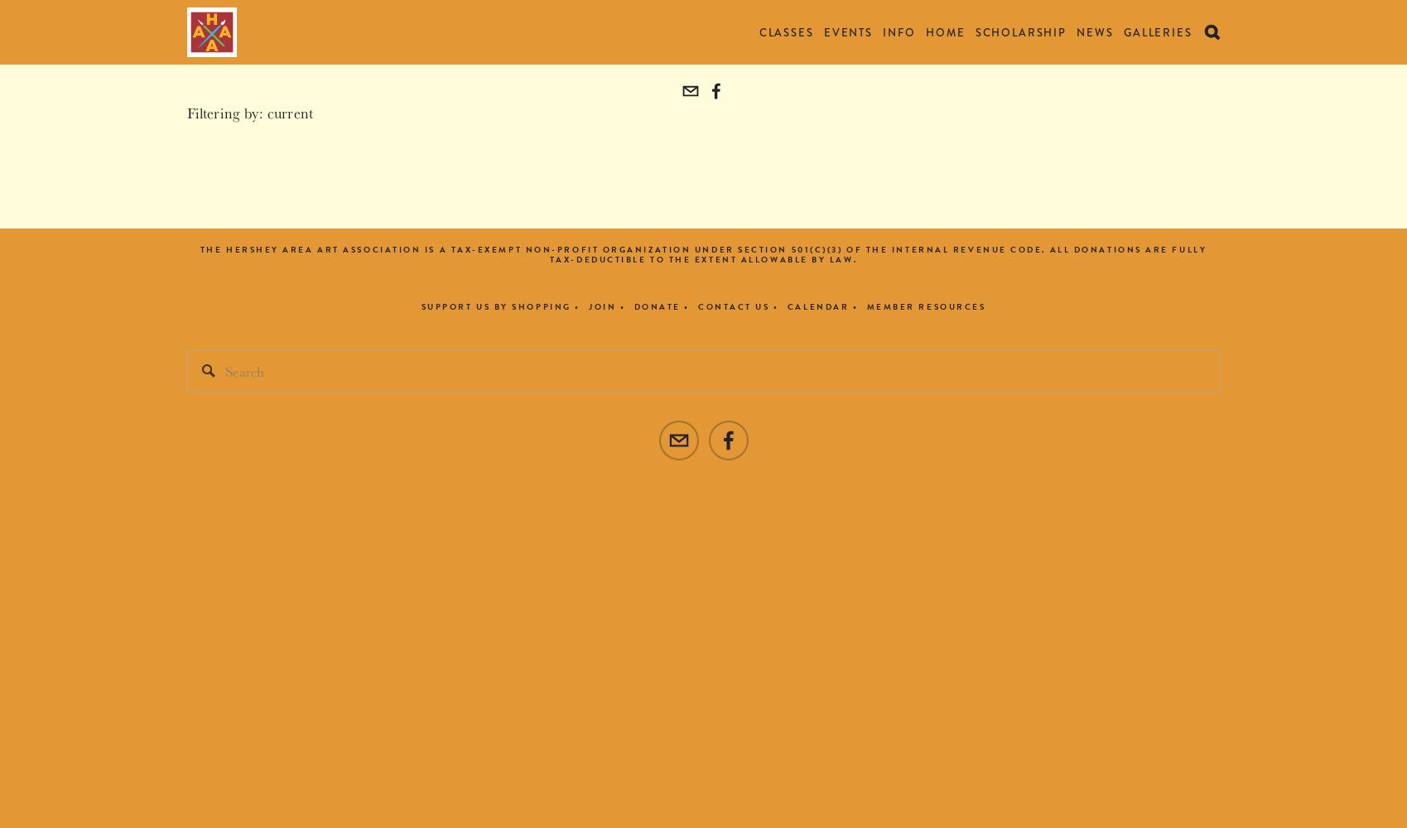  I want to click on 'Filtering by: current', so click(248, 112).